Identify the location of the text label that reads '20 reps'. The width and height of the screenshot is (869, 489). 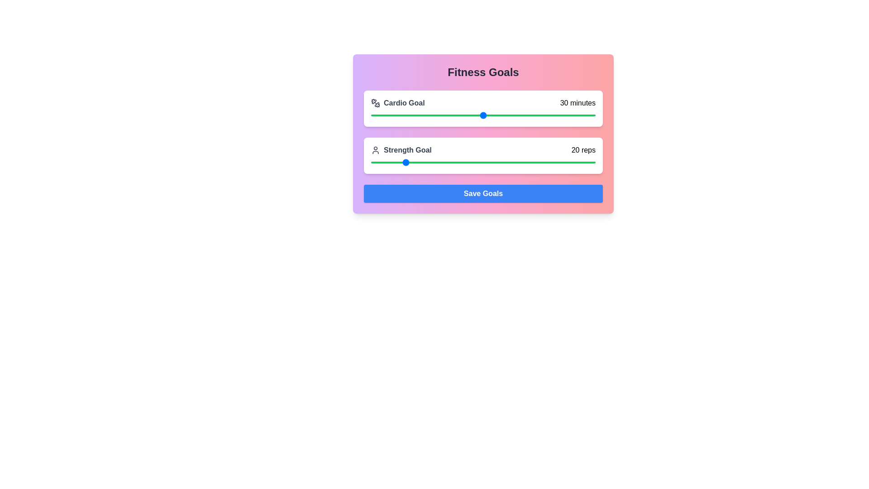
(583, 149).